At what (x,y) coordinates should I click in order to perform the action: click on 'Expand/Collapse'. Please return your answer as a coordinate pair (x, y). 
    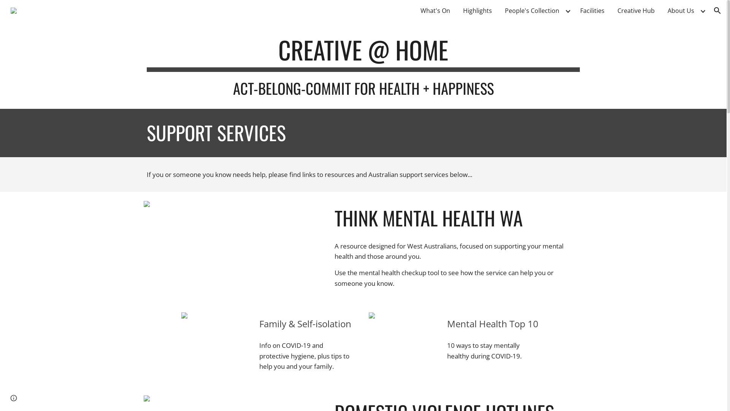
    Looking at the image, I should click on (702, 10).